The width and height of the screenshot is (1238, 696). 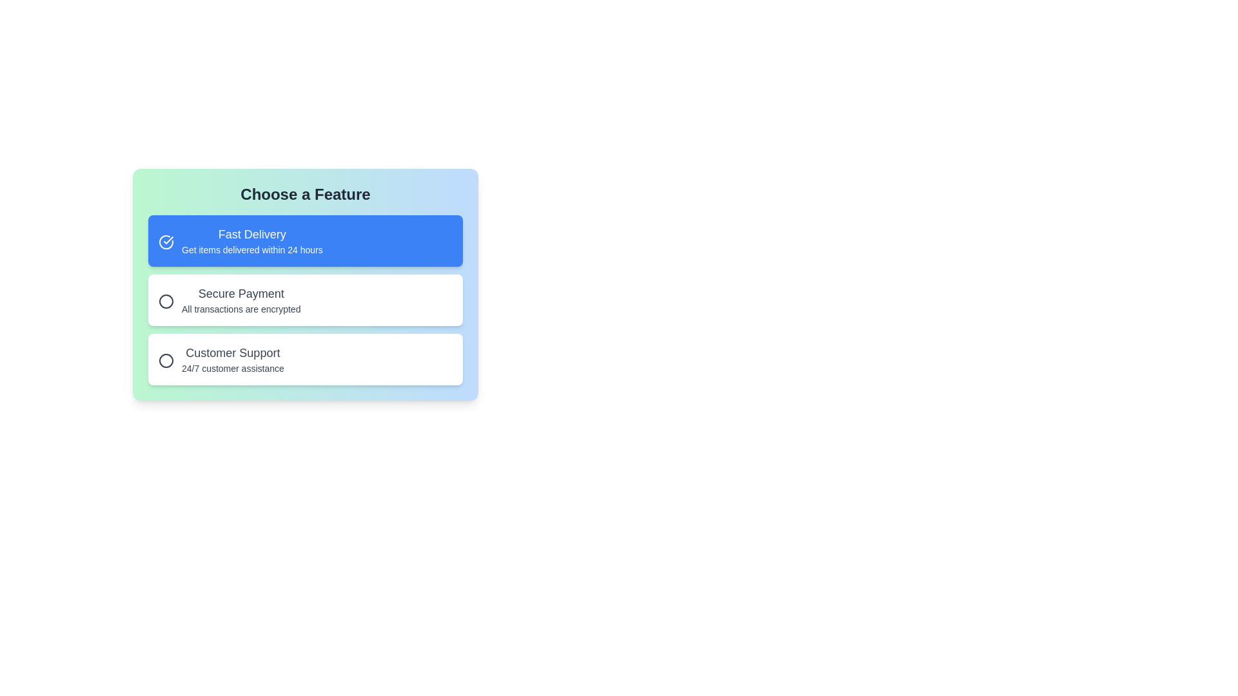 I want to click on the unfilled radio button adjacent to the 'Customer Support' text, so click(x=164, y=360).